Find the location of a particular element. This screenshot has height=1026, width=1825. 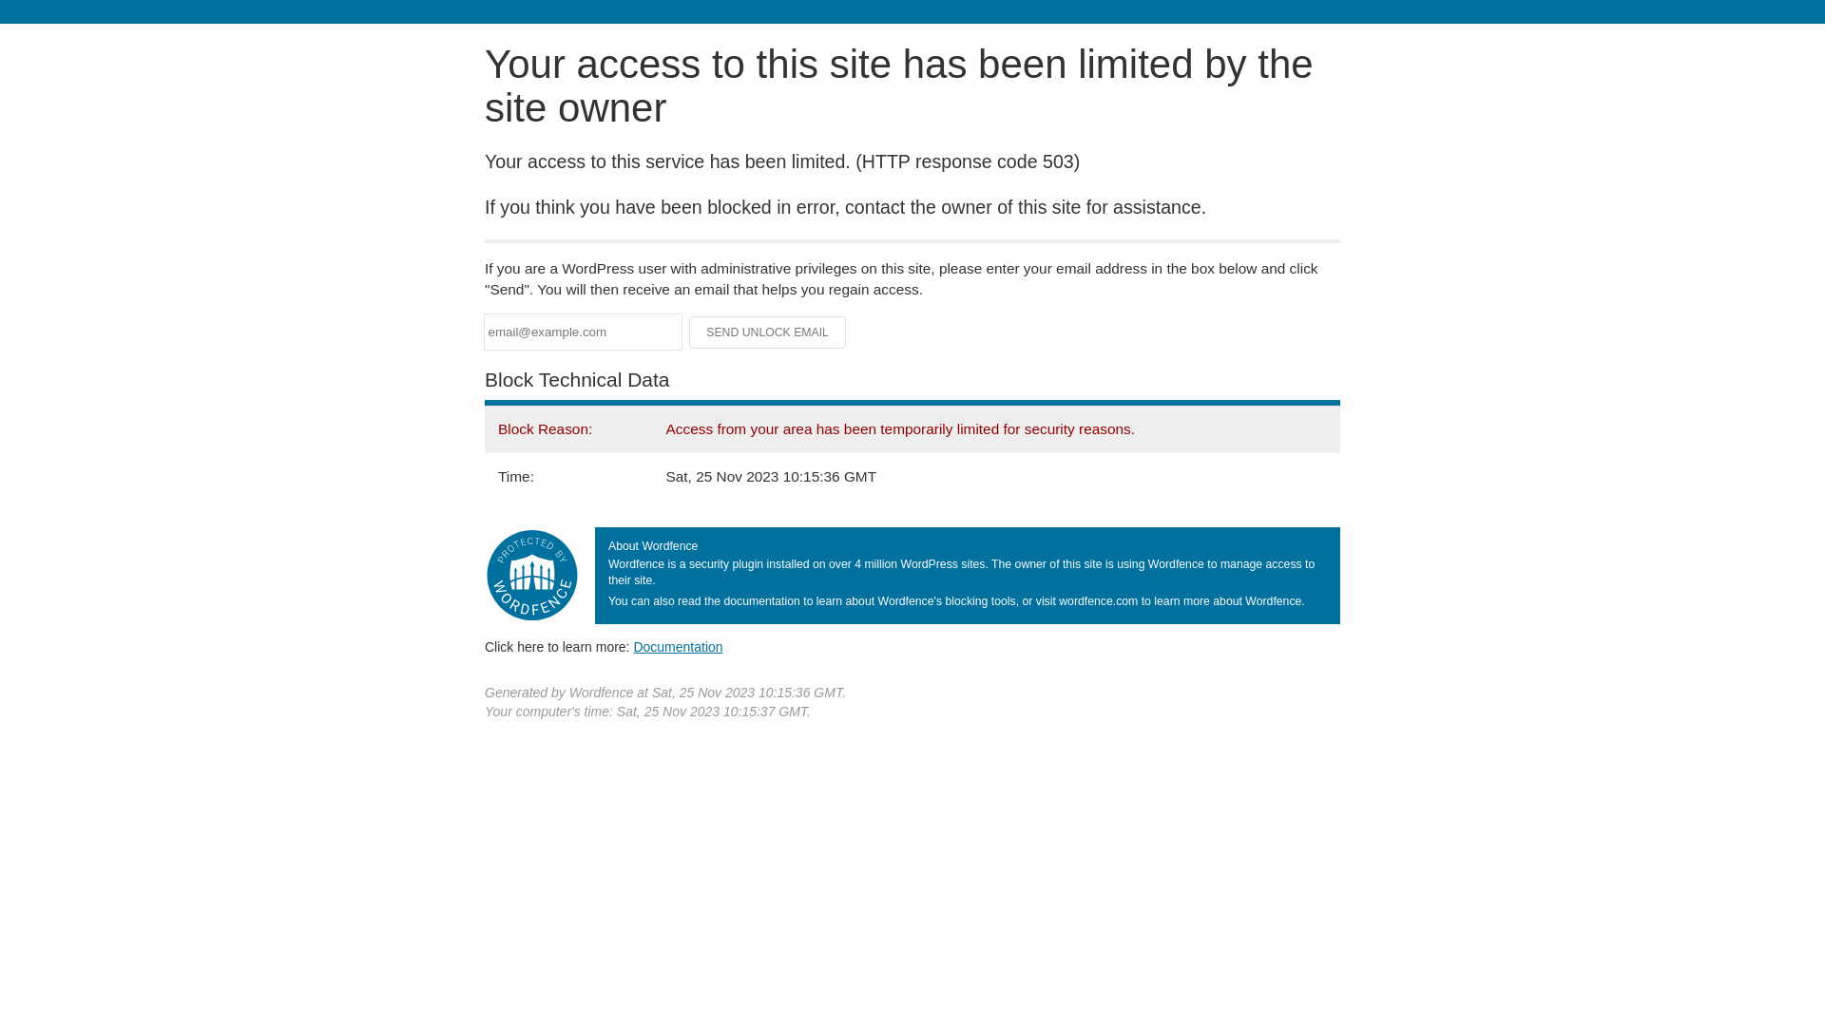

'Send Unlock Email' is located at coordinates (767, 332).